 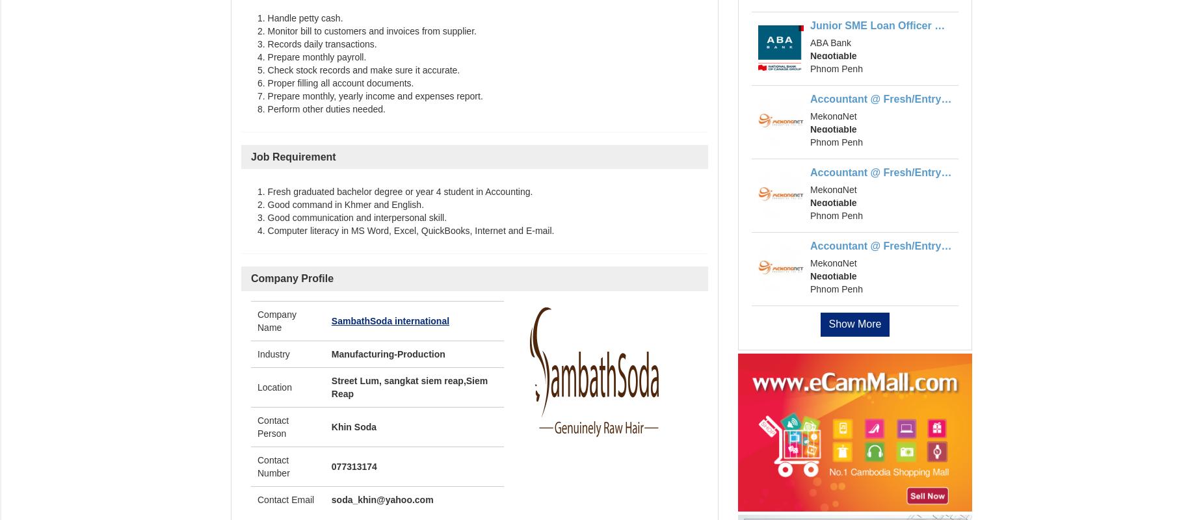 I want to click on '6. Proper filling all account documents.', so click(x=335, y=82).